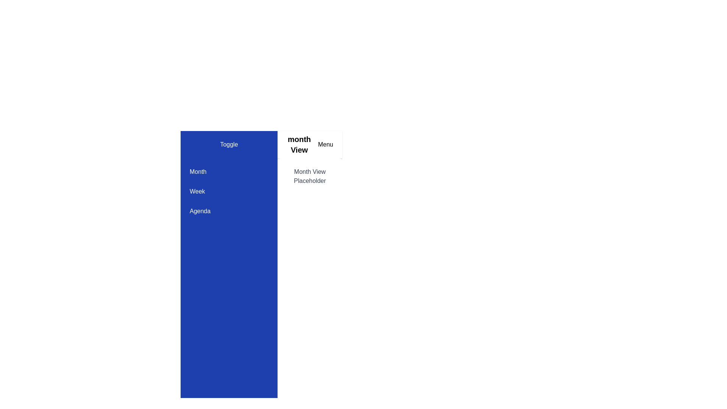 This screenshot has width=727, height=409. I want to click on the 'Agenda' button at the bottom of the vertical list in the side panel, so click(228, 211).